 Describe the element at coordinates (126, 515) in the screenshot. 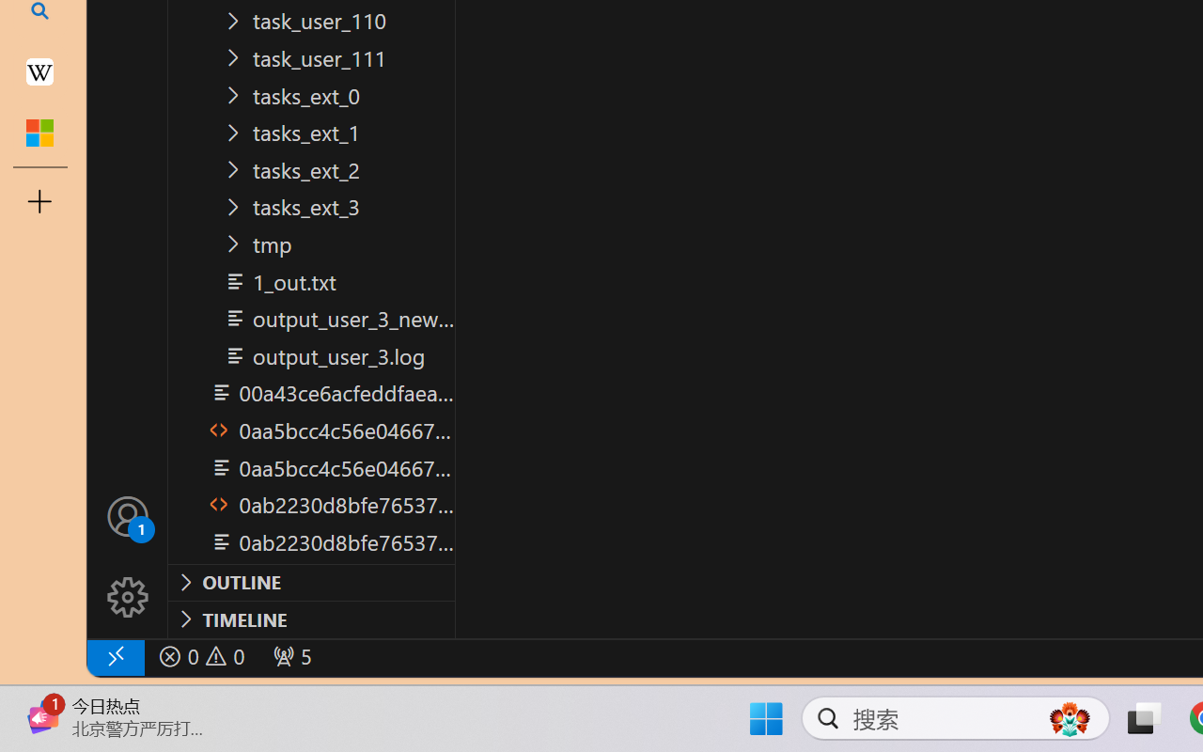

I see `'Accounts - Sign in requested'` at that location.